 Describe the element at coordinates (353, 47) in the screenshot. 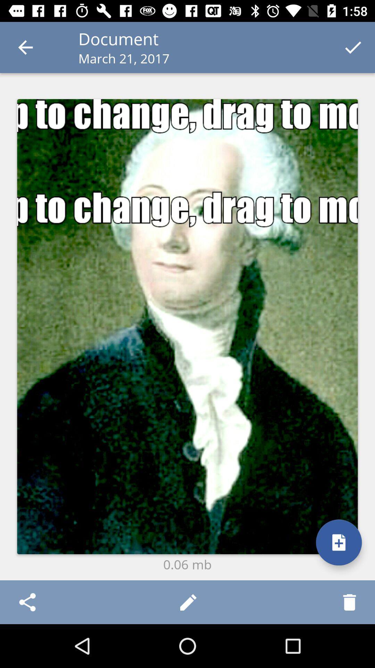

I see `item at the top right corner` at that location.